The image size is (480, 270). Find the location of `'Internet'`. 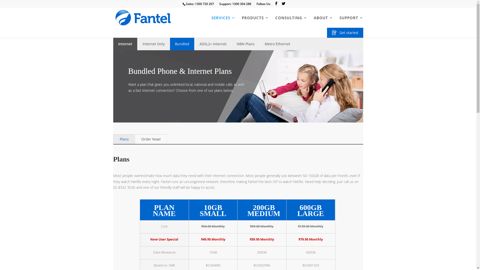

'Internet' is located at coordinates (125, 44).